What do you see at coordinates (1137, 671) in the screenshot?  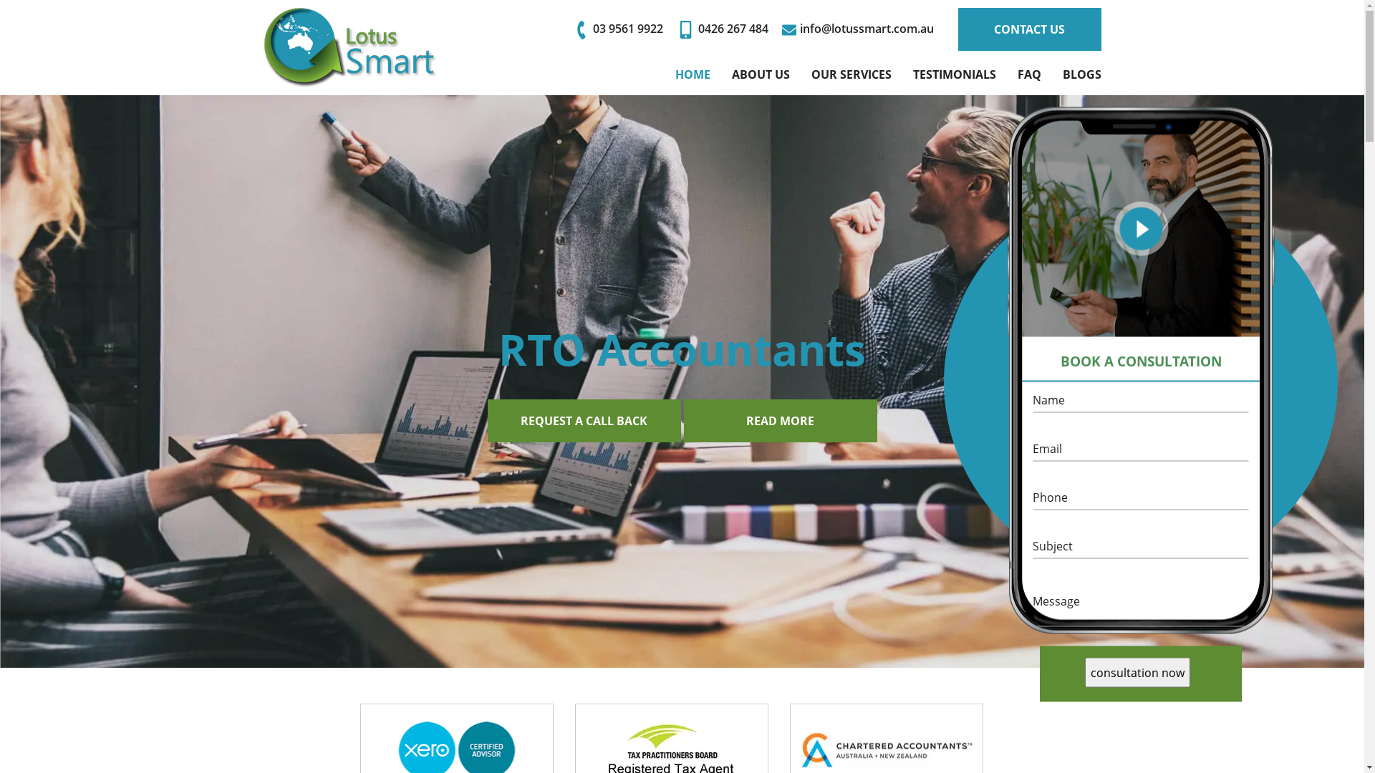 I see `'consultation now'` at bounding box center [1137, 671].